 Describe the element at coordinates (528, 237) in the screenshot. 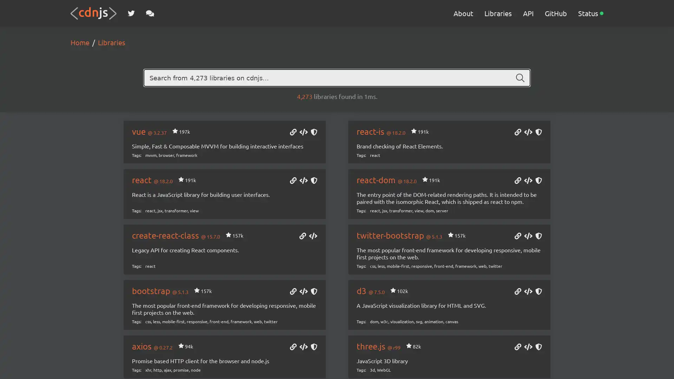

I see `Copy Script Tag` at that location.